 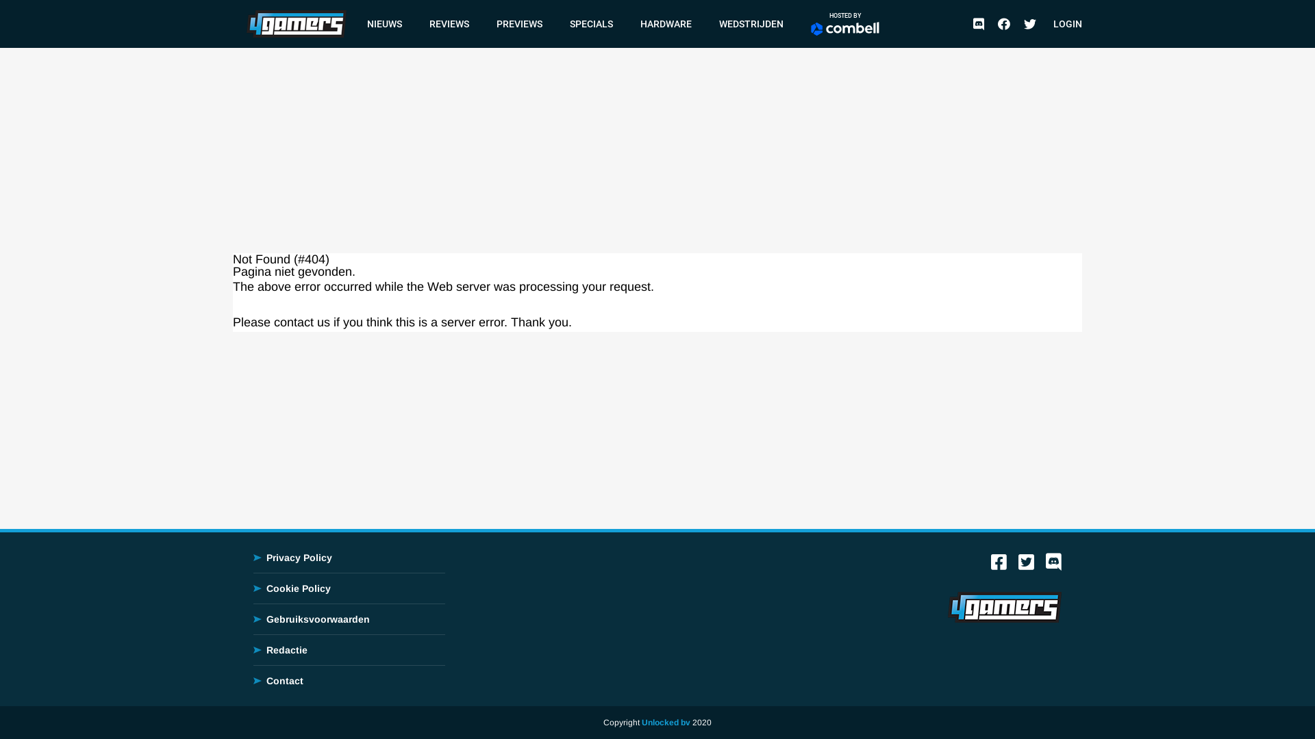 I want to click on 'NIEUWS', so click(x=360, y=23).